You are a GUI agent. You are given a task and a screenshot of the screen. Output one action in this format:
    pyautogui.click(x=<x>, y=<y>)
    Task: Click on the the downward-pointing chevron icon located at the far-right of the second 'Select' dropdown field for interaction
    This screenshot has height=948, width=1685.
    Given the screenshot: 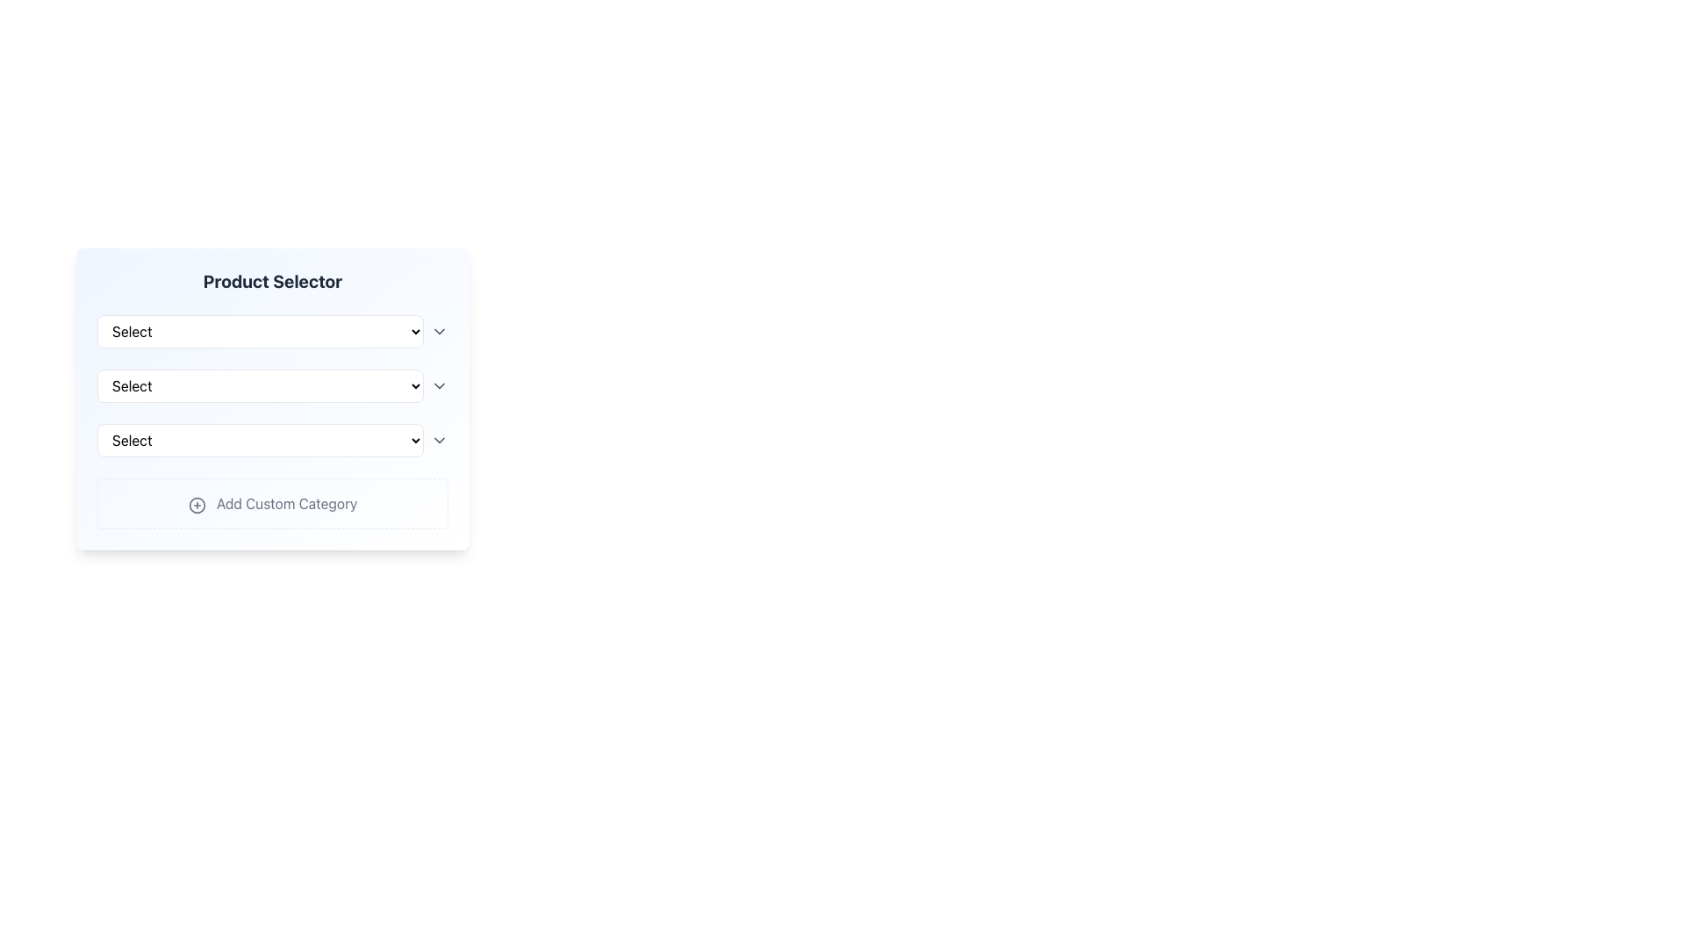 What is the action you would take?
    pyautogui.click(x=439, y=384)
    